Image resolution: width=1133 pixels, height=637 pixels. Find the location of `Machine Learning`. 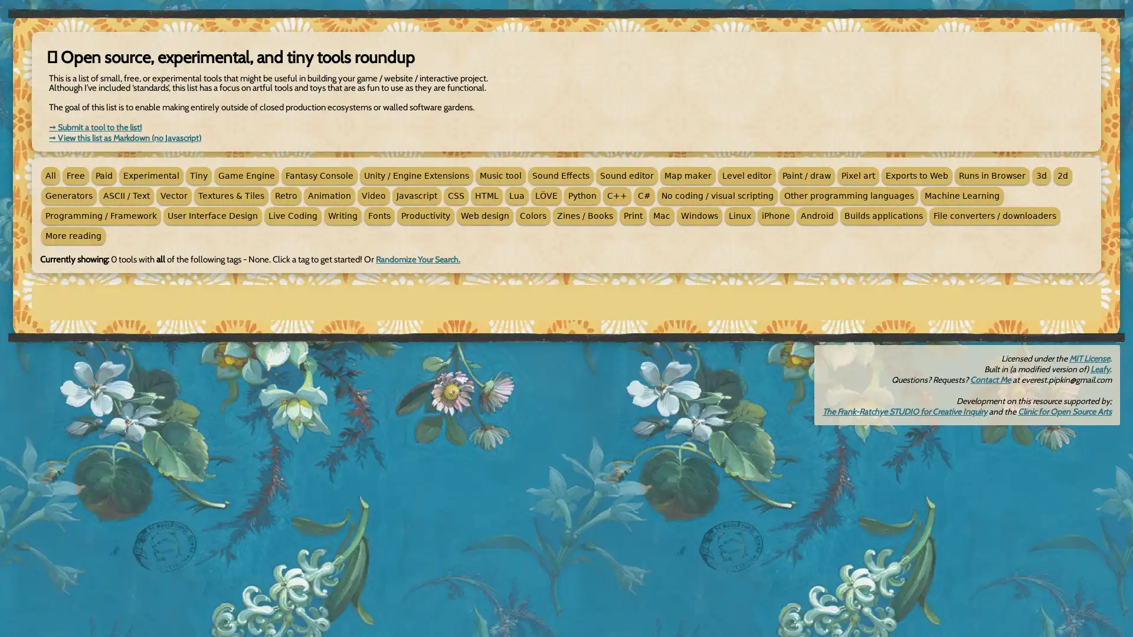

Machine Learning is located at coordinates (962, 195).